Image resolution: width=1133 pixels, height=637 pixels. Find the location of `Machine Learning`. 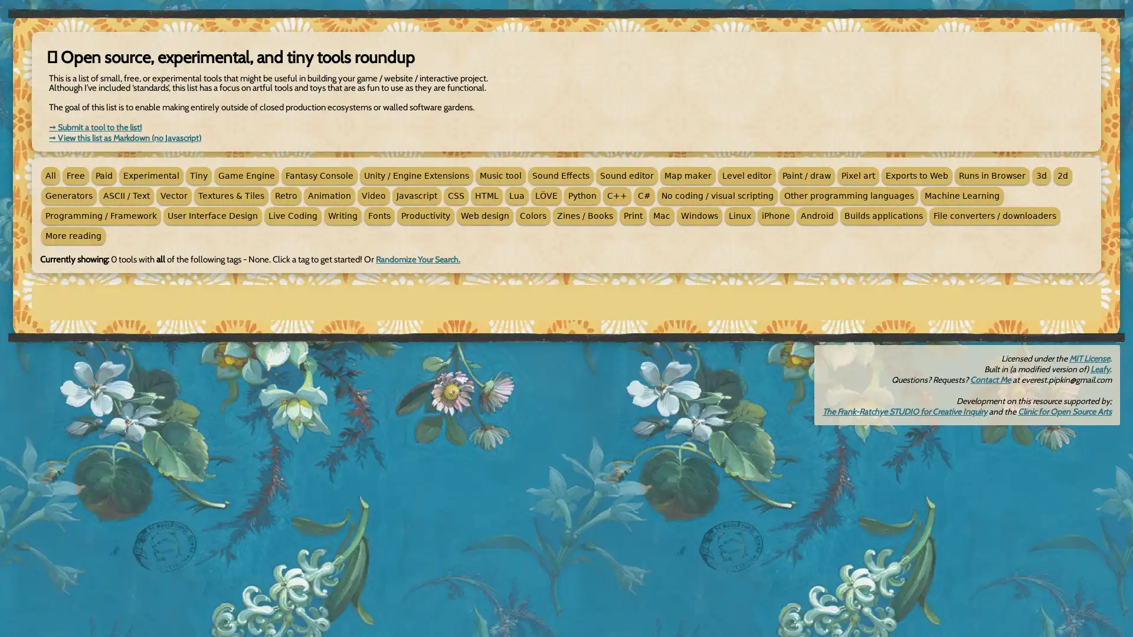

Machine Learning is located at coordinates (962, 195).